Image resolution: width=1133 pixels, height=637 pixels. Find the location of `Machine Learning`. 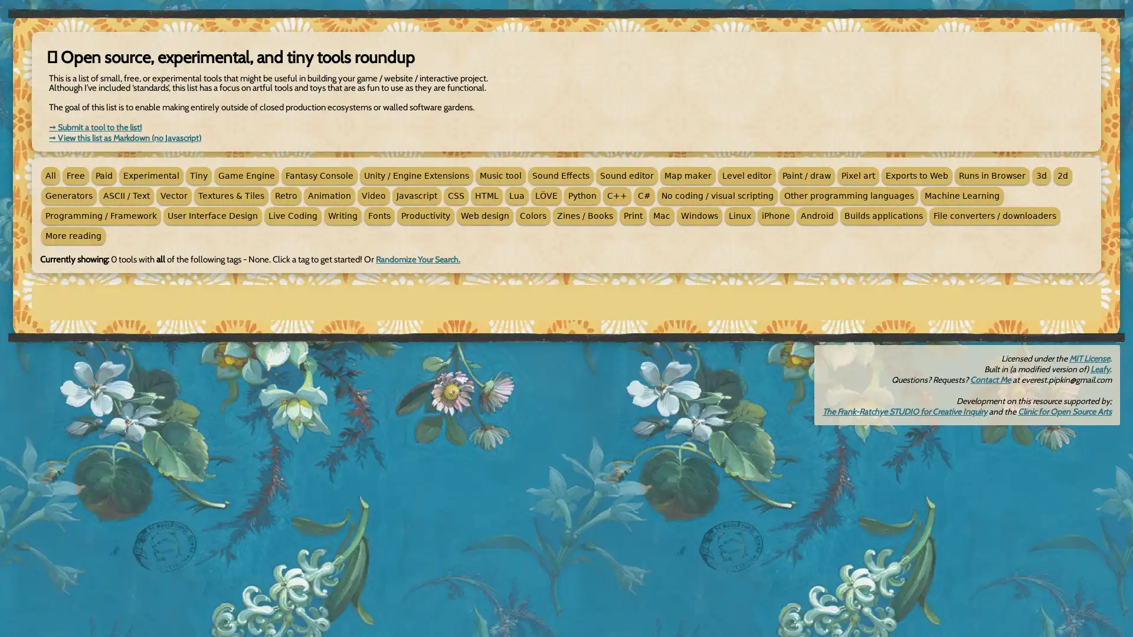

Machine Learning is located at coordinates (962, 195).